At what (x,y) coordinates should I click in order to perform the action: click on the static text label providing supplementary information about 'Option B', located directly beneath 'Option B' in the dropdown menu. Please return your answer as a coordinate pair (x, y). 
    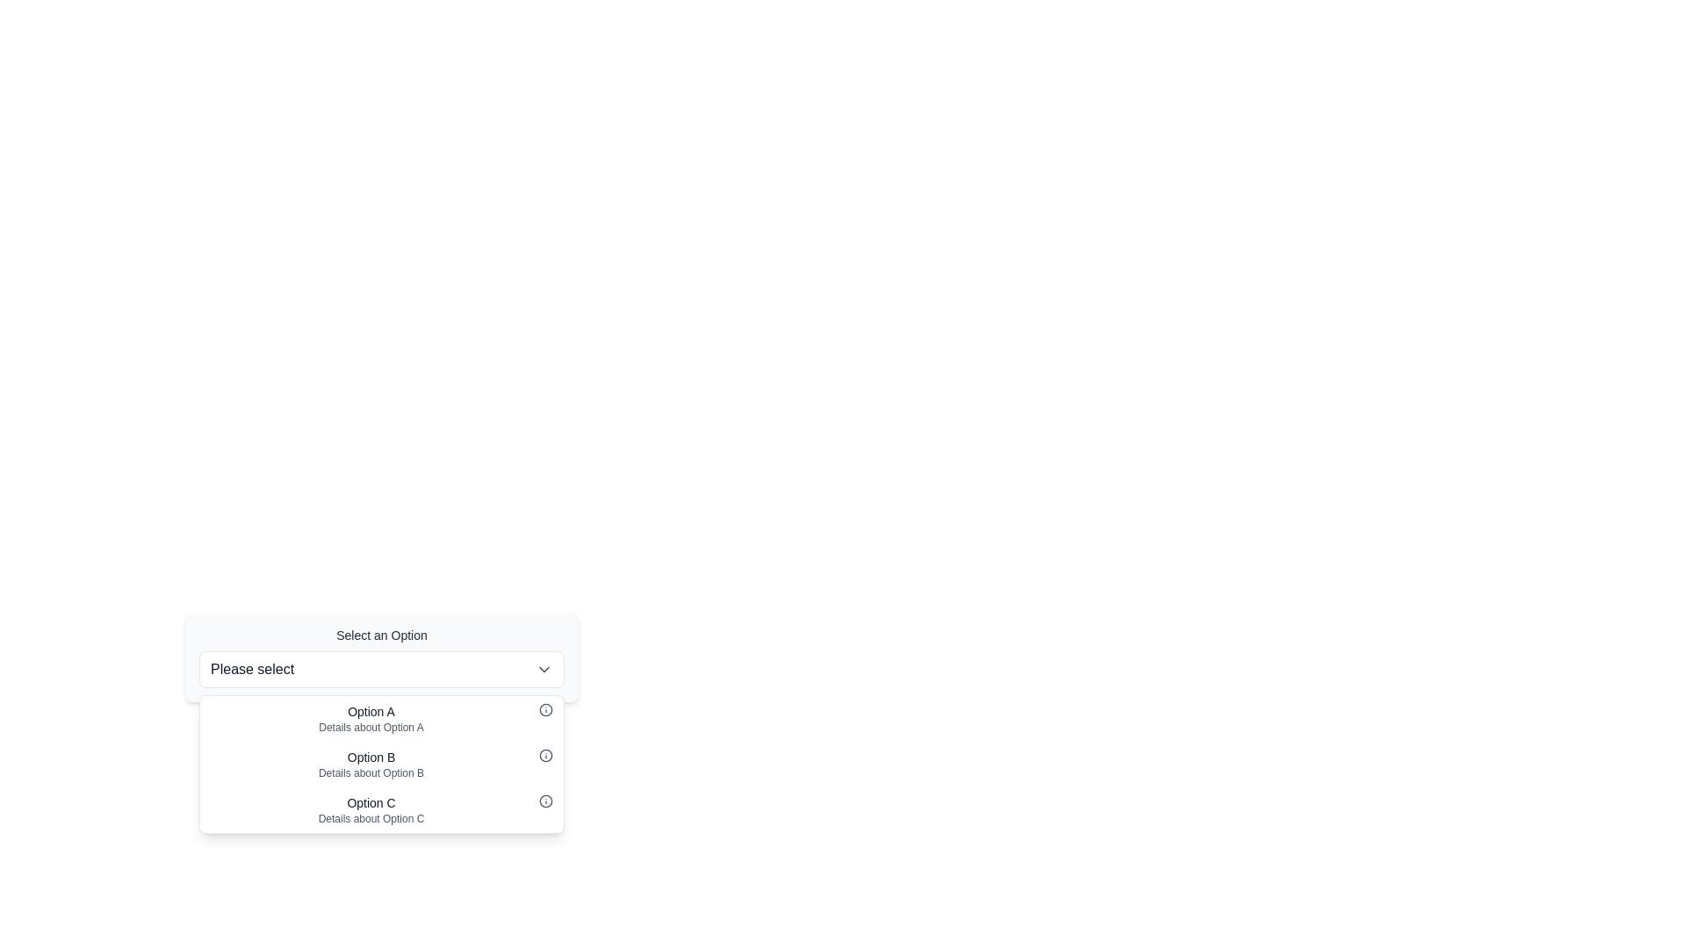
    Looking at the image, I should click on (370, 772).